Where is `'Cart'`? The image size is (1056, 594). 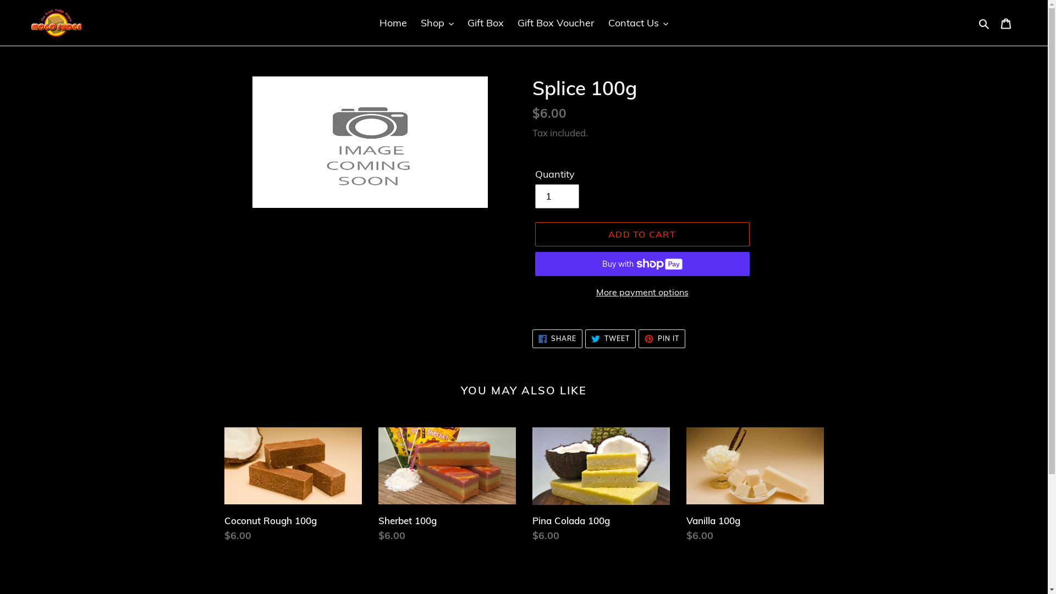
'Cart' is located at coordinates (1005, 23).